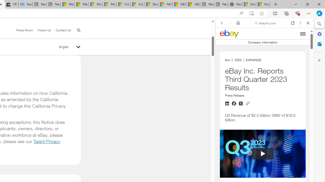 The height and width of the screenshot is (182, 325). What do you see at coordinates (252, 13) in the screenshot?
I see `'Enter Immersive Reader (F9)'` at bounding box center [252, 13].